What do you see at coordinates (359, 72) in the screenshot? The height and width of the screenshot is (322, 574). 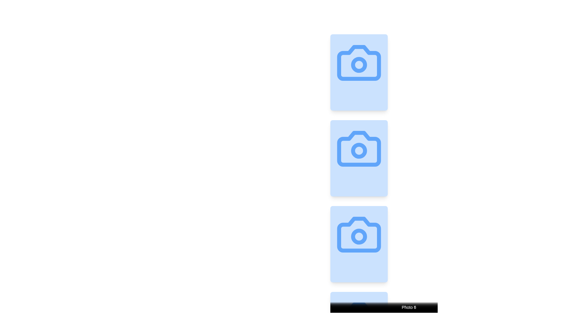 I see `the Image Card, which is a vertically oriented rectangular card with a light blue background and a centered camera icon, positioned at the top of a vertically stacked list` at bounding box center [359, 72].